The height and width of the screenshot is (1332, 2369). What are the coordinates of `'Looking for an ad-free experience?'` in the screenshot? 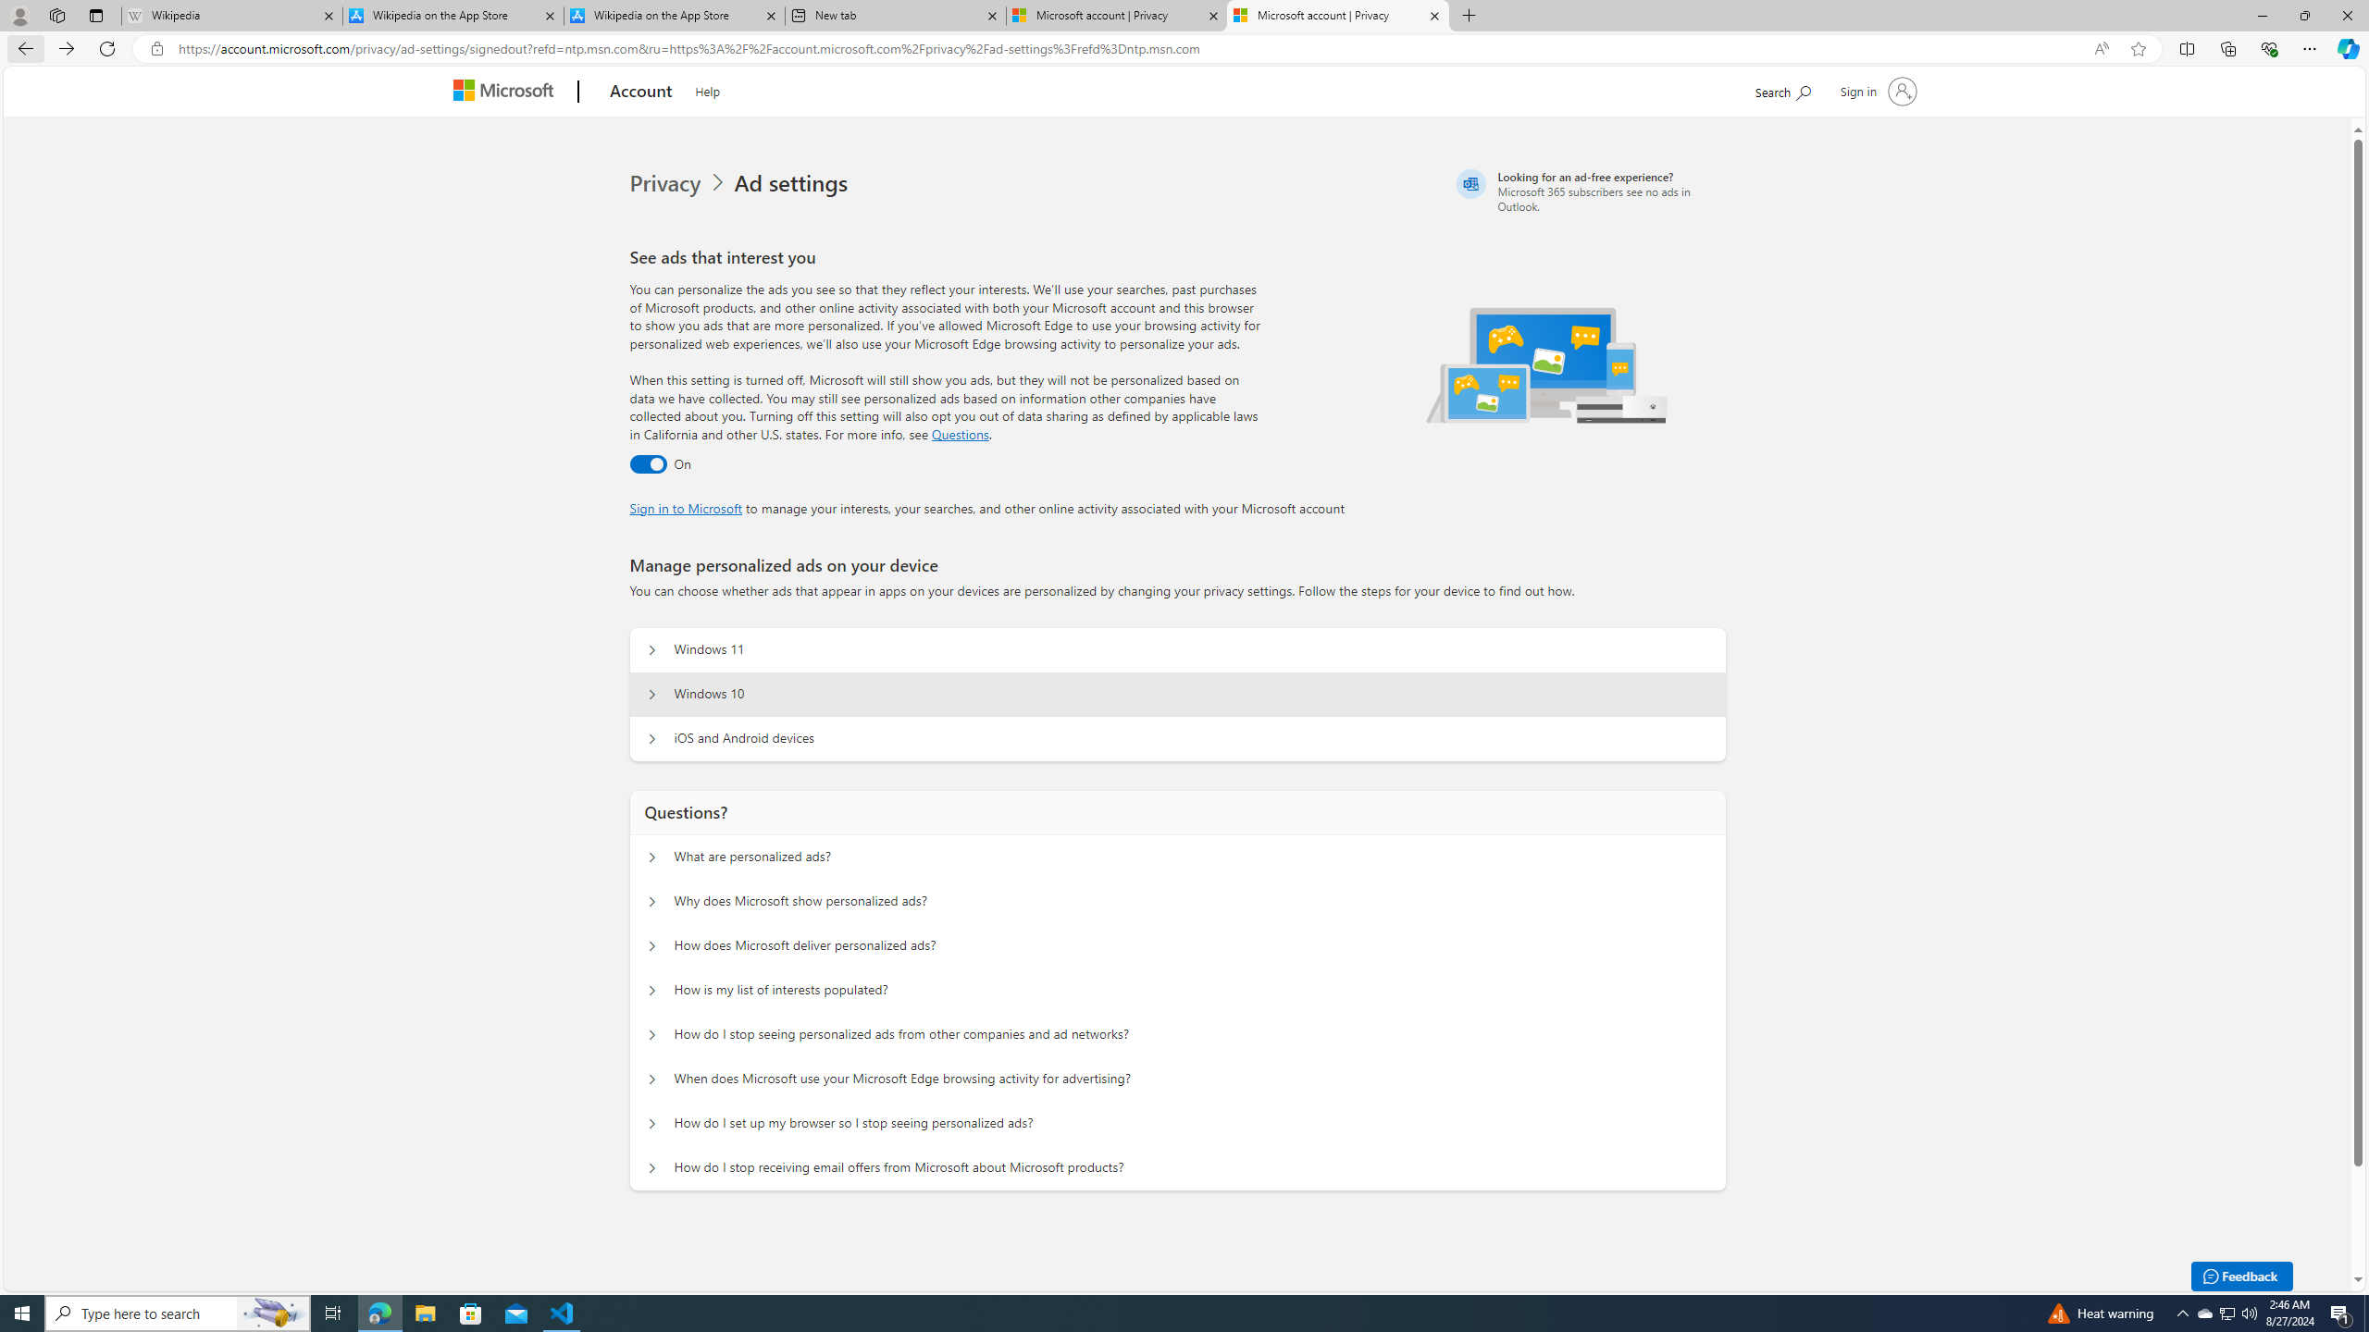 It's located at (1588, 191).